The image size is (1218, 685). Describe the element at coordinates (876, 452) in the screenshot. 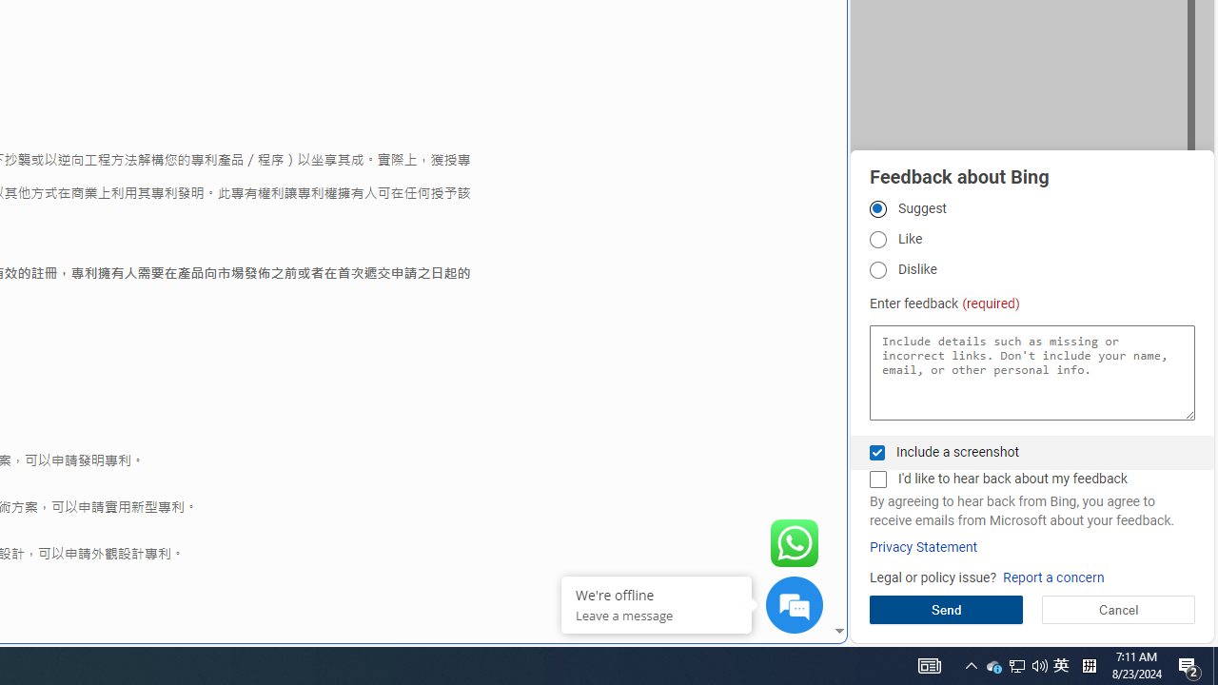

I see `'Include a screenshot'` at that location.